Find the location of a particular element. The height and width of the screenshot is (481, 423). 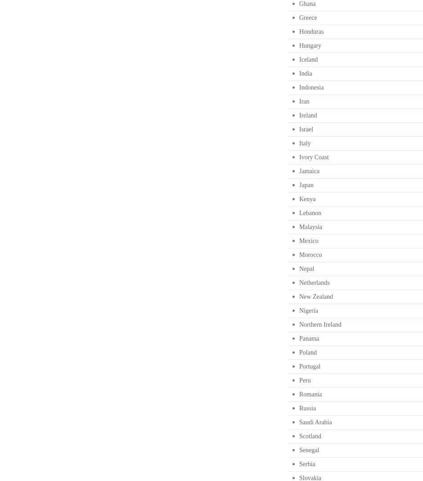

'Saudi Arabia' is located at coordinates (315, 422).